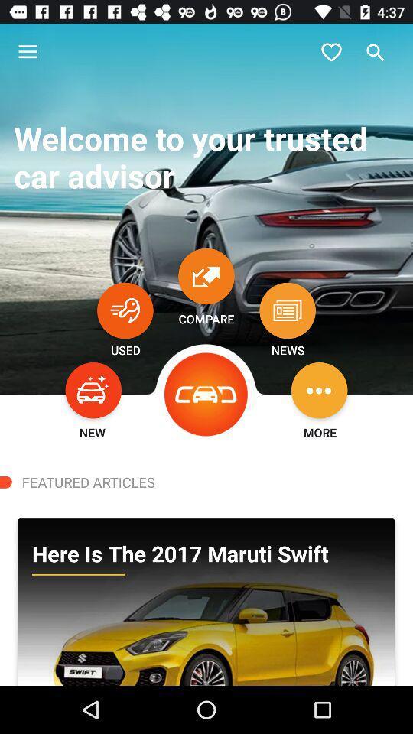 The image size is (413, 734). What do you see at coordinates (124, 310) in the screenshot?
I see `open used cars` at bounding box center [124, 310].